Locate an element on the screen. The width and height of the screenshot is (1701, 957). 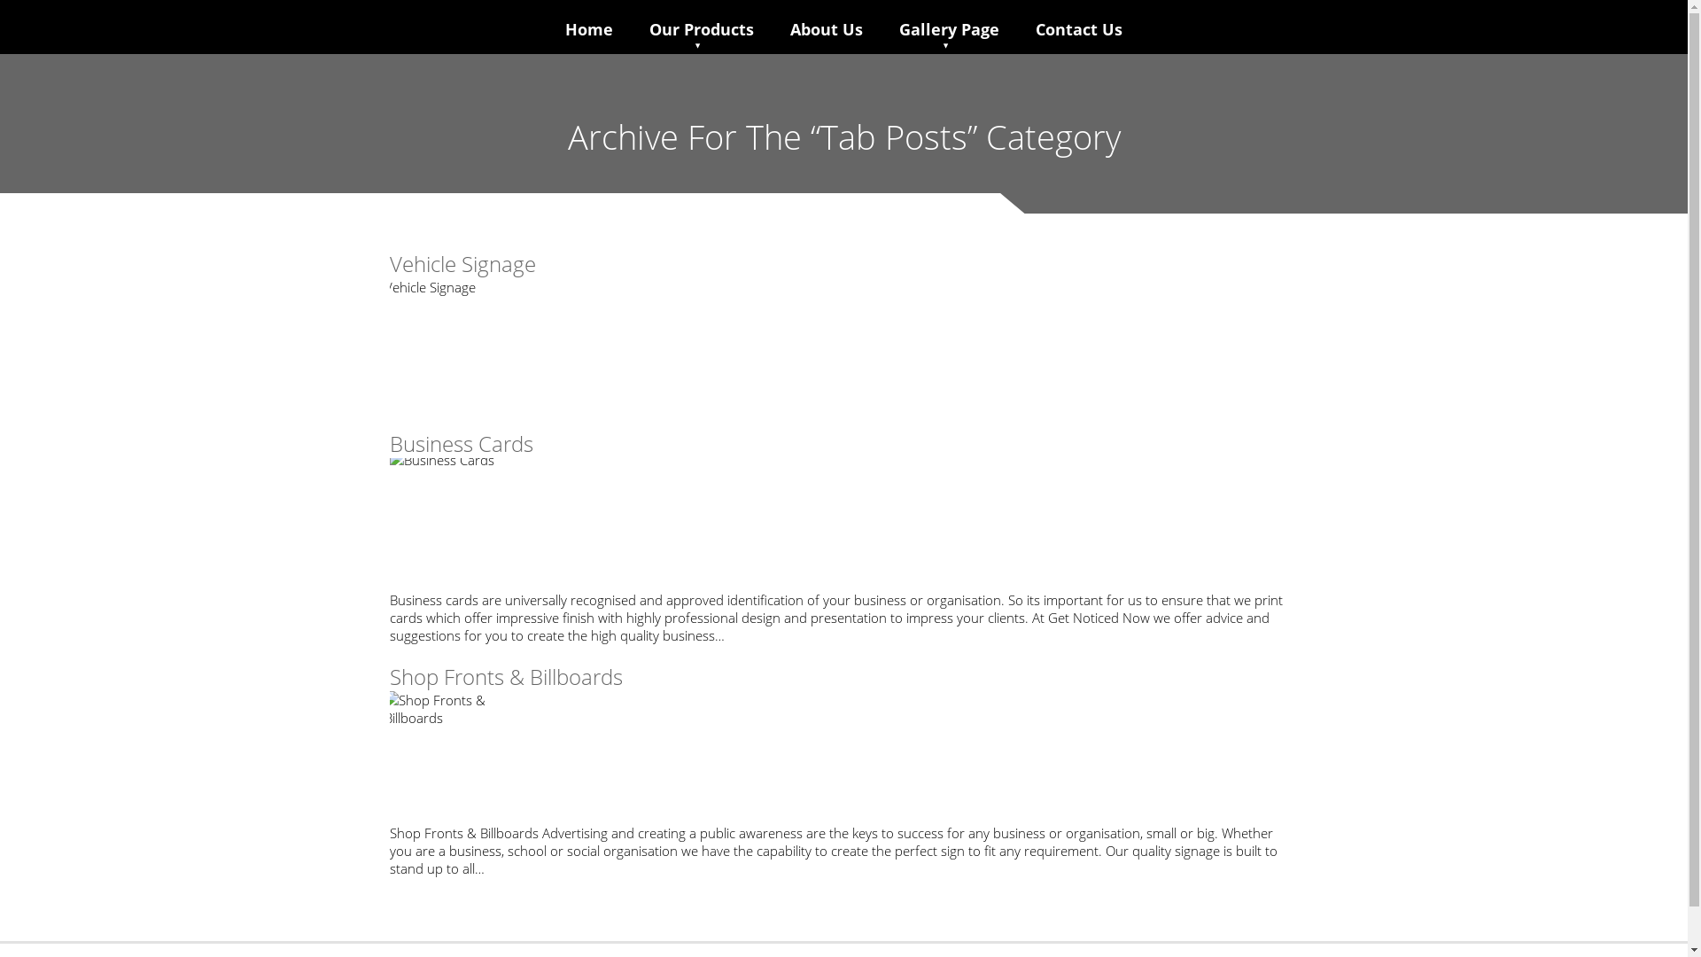
'Home' is located at coordinates (562, 29).